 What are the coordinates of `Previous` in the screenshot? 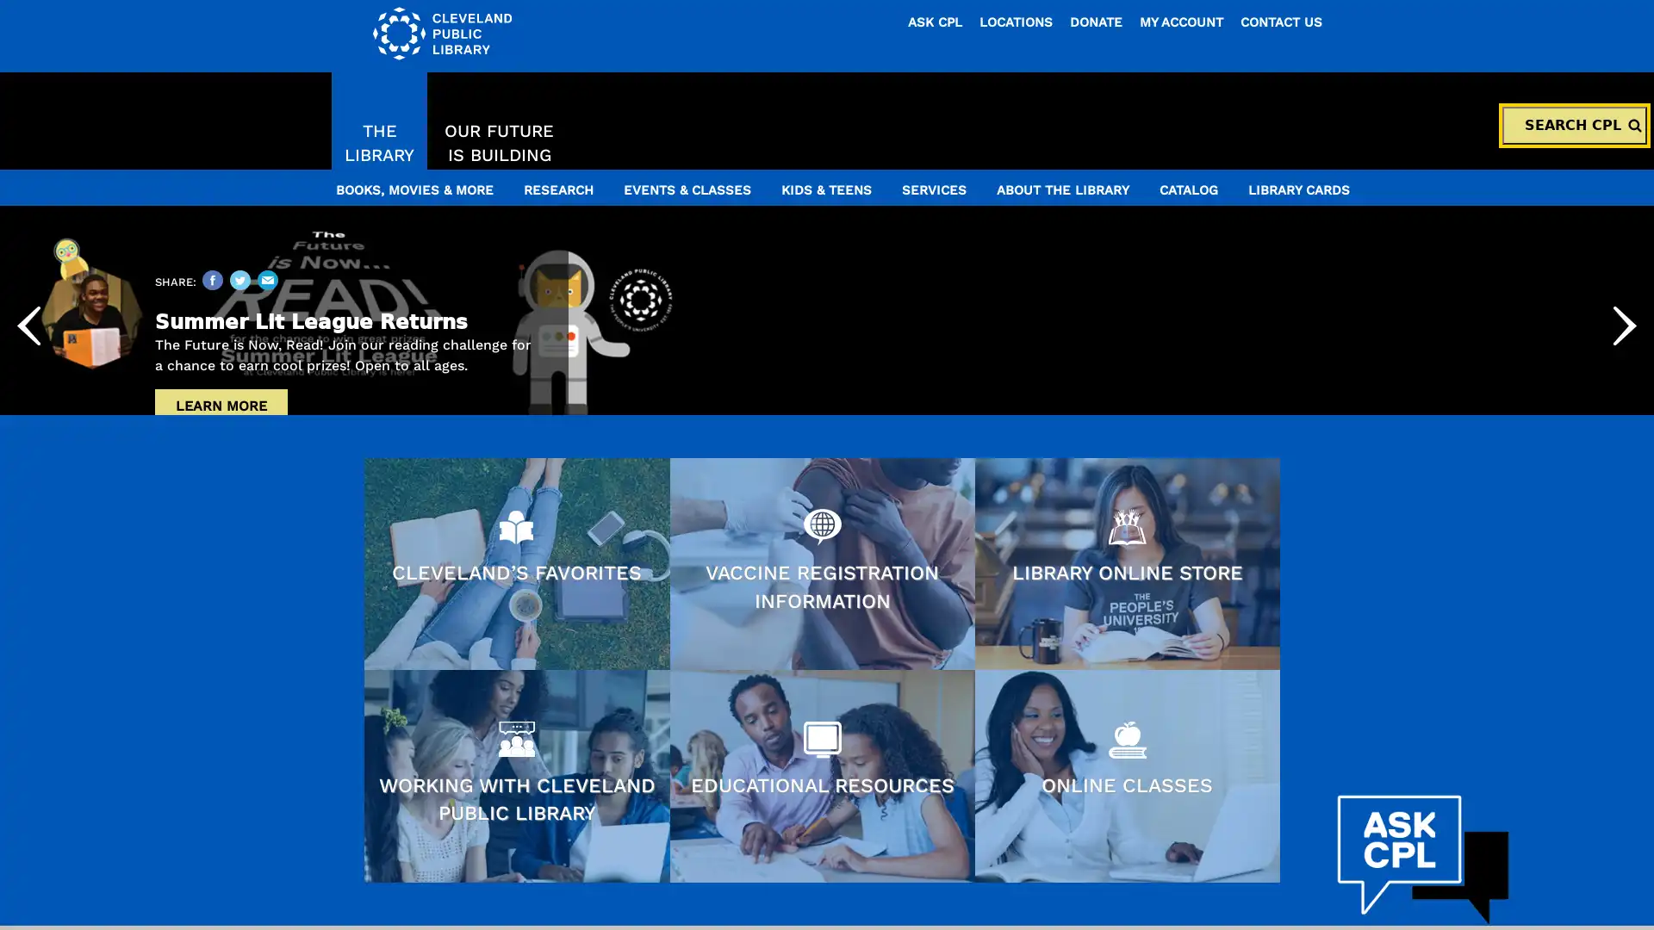 It's located at (28, 453).